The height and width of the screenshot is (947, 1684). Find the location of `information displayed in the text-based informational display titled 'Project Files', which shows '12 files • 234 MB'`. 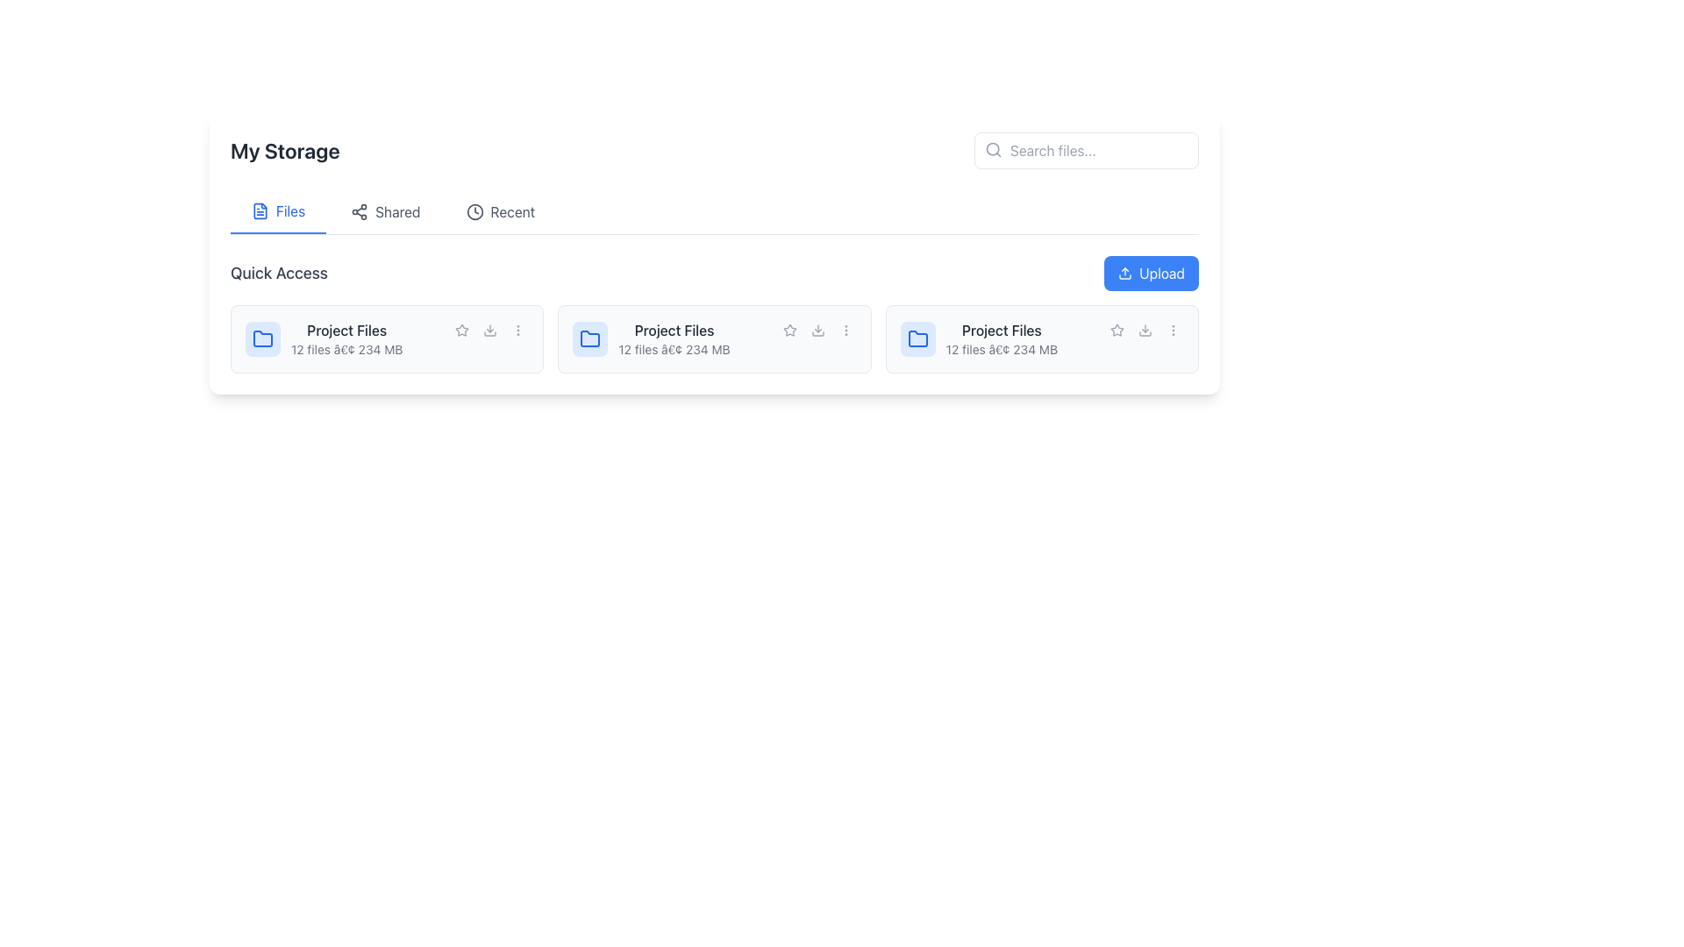

information displayed in the text-based informational display titled 'Project Files', which shows '12 files • 234 MB' is located at coordinates (673, 338).